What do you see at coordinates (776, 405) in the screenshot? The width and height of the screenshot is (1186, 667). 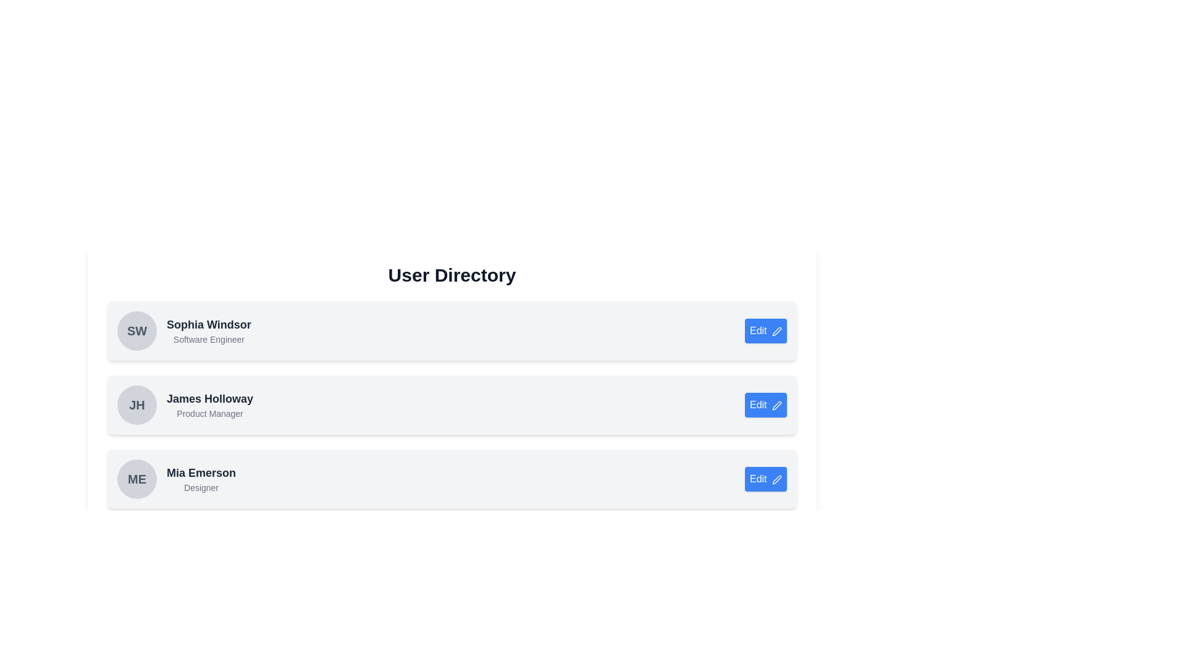 I see `the white pen icon located within the blue 'Edit' button on the right side of the second row in the user directory interface` at bounding box center [776, 405].